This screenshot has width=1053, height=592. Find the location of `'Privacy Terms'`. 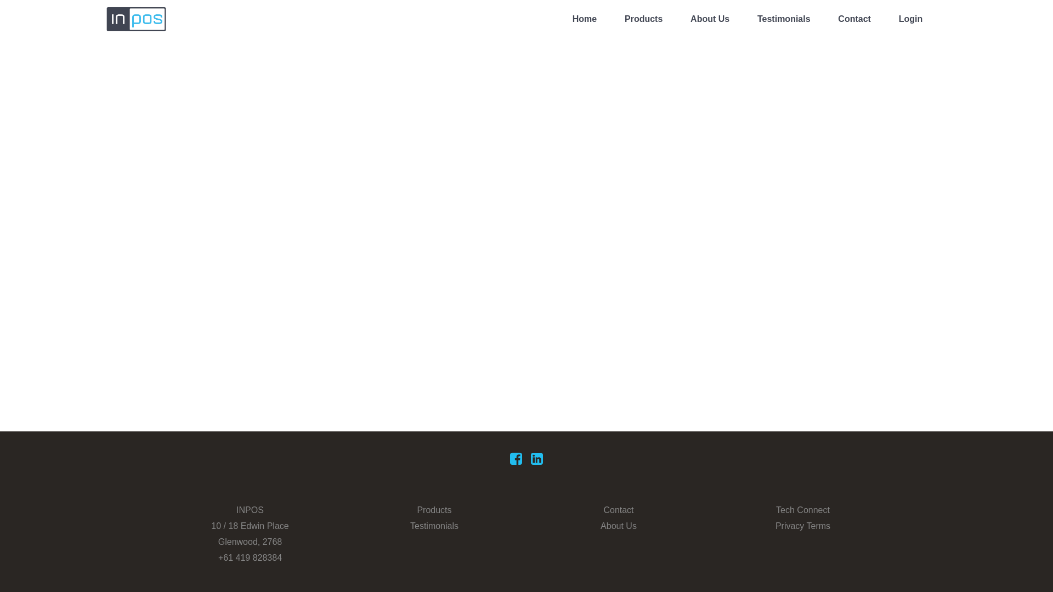

'Privacy Terms' is located at coordinates (803, 526).